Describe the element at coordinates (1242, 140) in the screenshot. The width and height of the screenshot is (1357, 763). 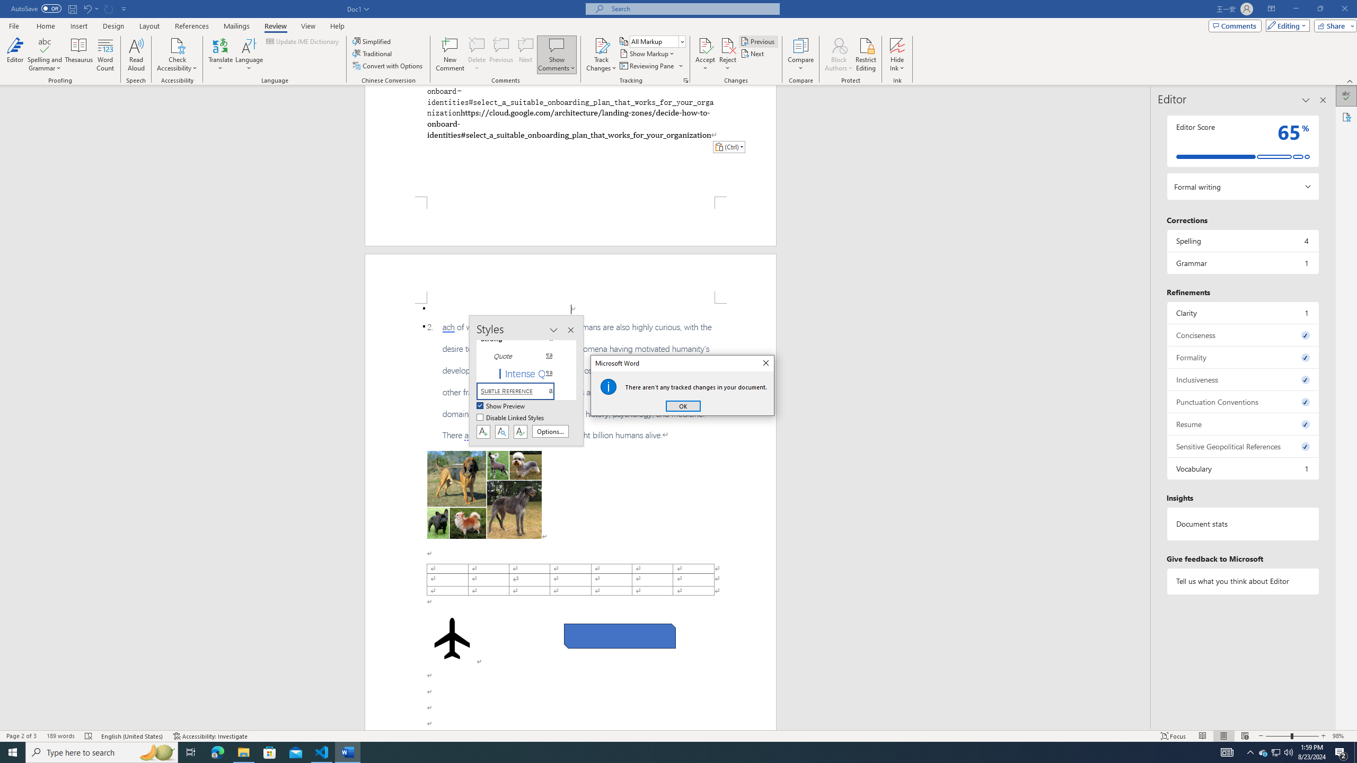
I see `'Editor Score 65%'` at that location.